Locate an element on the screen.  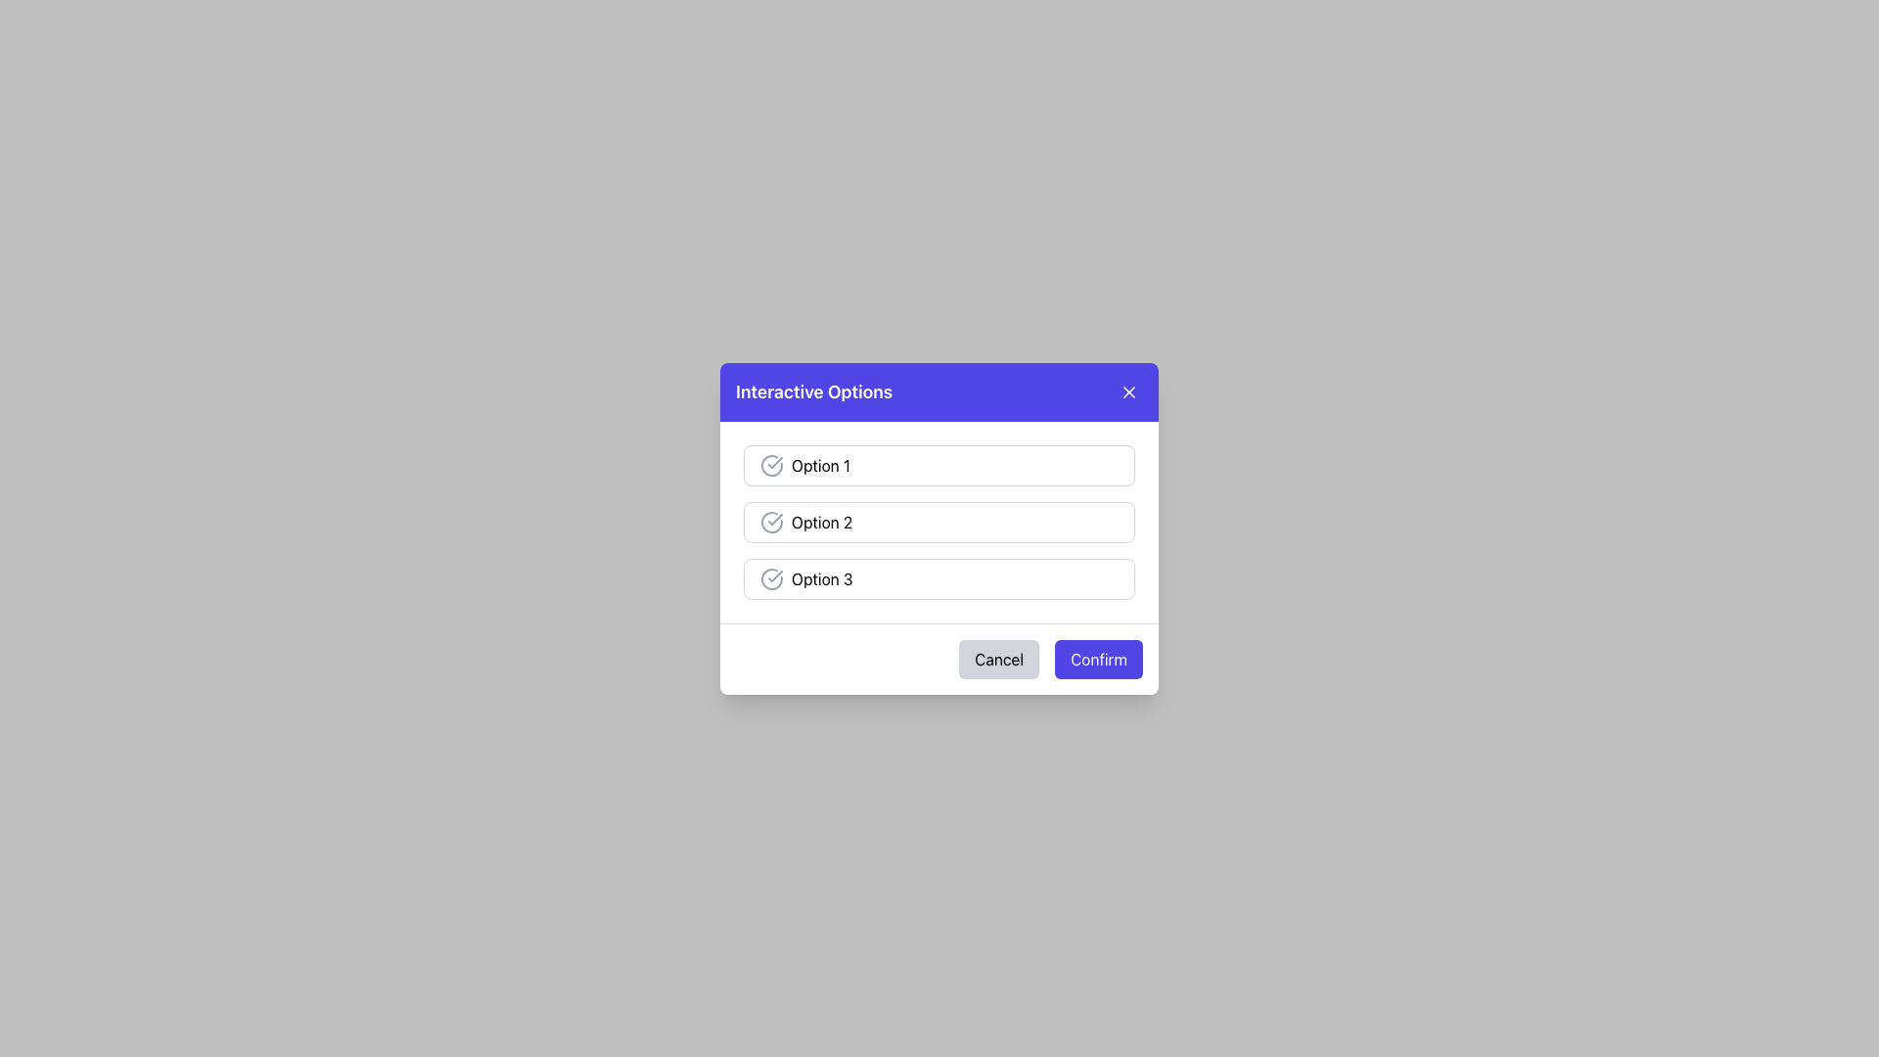
the cross close icon located at the top-right corner of the modal header is located at coordinates (1128, 391).